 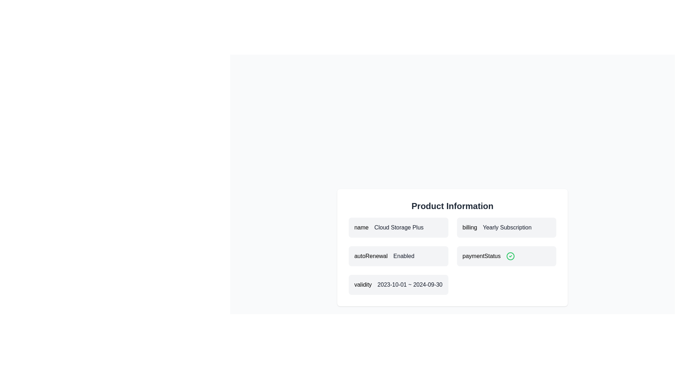 What do you see at coordinates (363, 284) in the screenshot?
I see `the Text Label that describes the validity period located at the bottom-left corner of the 'Product Information' card` at bounding box center [363, 284].